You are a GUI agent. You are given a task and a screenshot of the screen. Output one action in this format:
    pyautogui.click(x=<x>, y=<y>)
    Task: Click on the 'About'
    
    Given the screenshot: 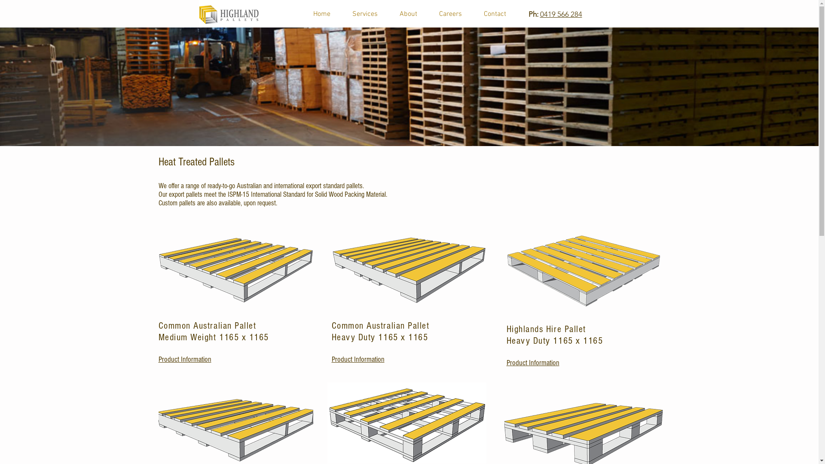 What is the action you would take?
    pyautogui.click(x=408, y=14)
    